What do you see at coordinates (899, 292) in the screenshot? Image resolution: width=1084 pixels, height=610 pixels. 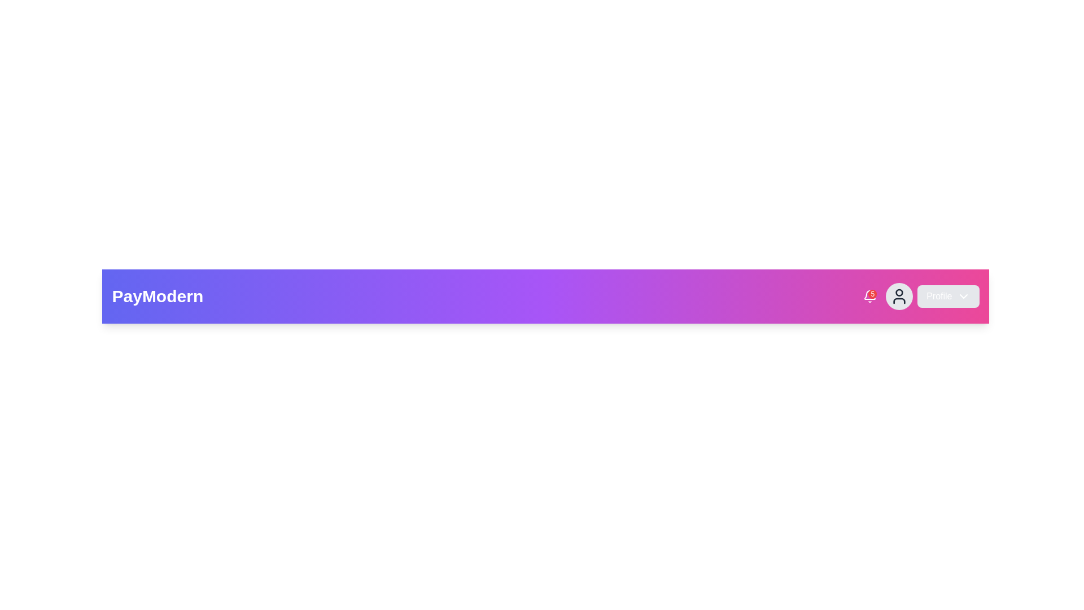 I see `the circular element representing the user profile picture in the navigation bar, located adjacent to the profile dropdown and notification icon` at bounding box center [899, 292].